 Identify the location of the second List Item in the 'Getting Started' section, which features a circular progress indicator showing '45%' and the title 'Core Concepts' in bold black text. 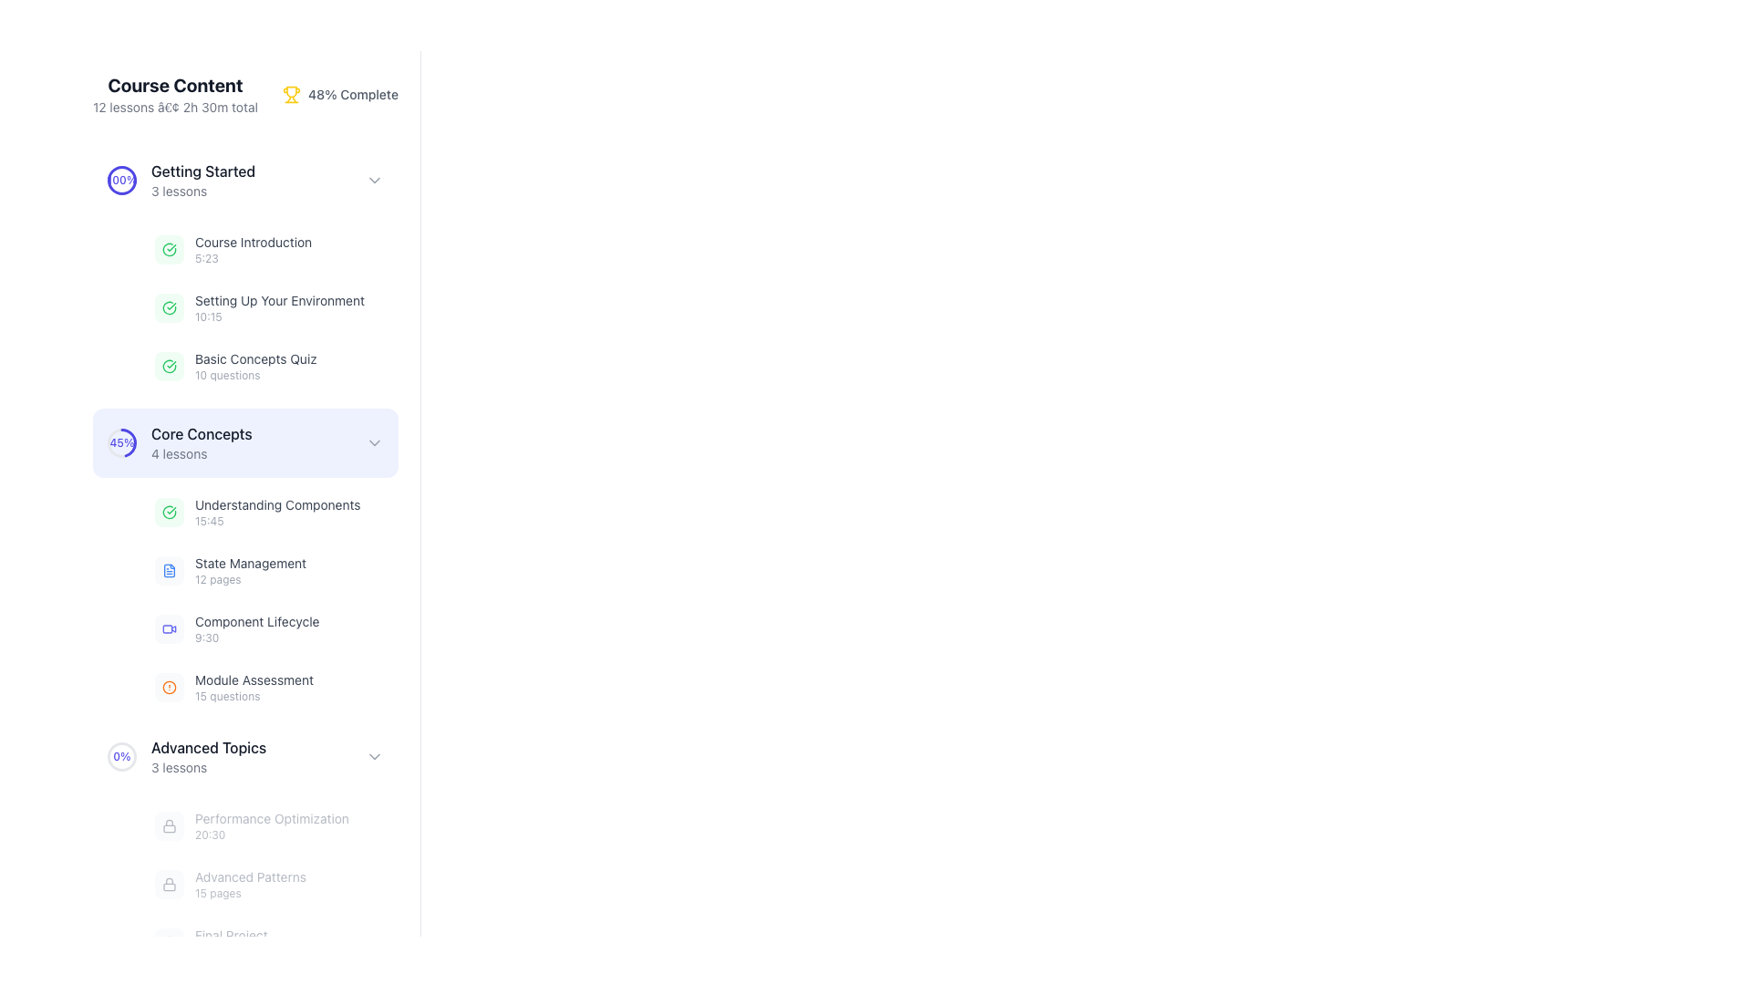
(180, 443).